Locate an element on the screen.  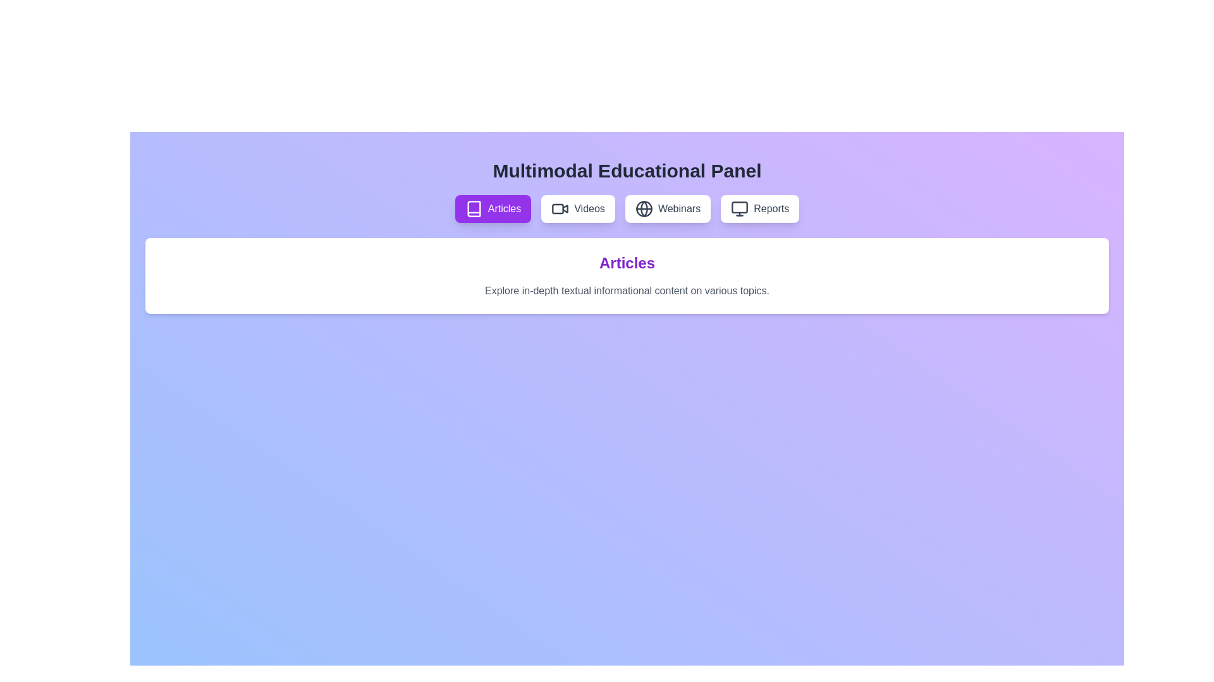
the 'Articles' text label, which is located next to the book icon within the Articles button in the navigation bar at the top-middle of the interface is located at coordinates (503, 208).